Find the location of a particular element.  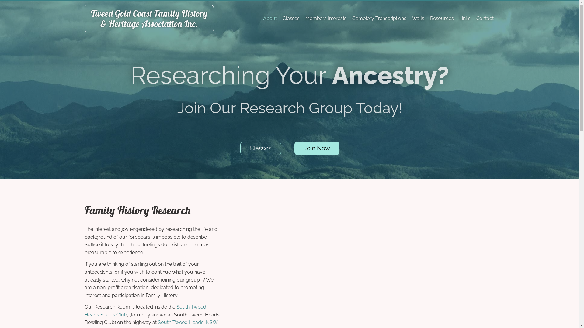

'Classes' is located at coordinates (290, 18).